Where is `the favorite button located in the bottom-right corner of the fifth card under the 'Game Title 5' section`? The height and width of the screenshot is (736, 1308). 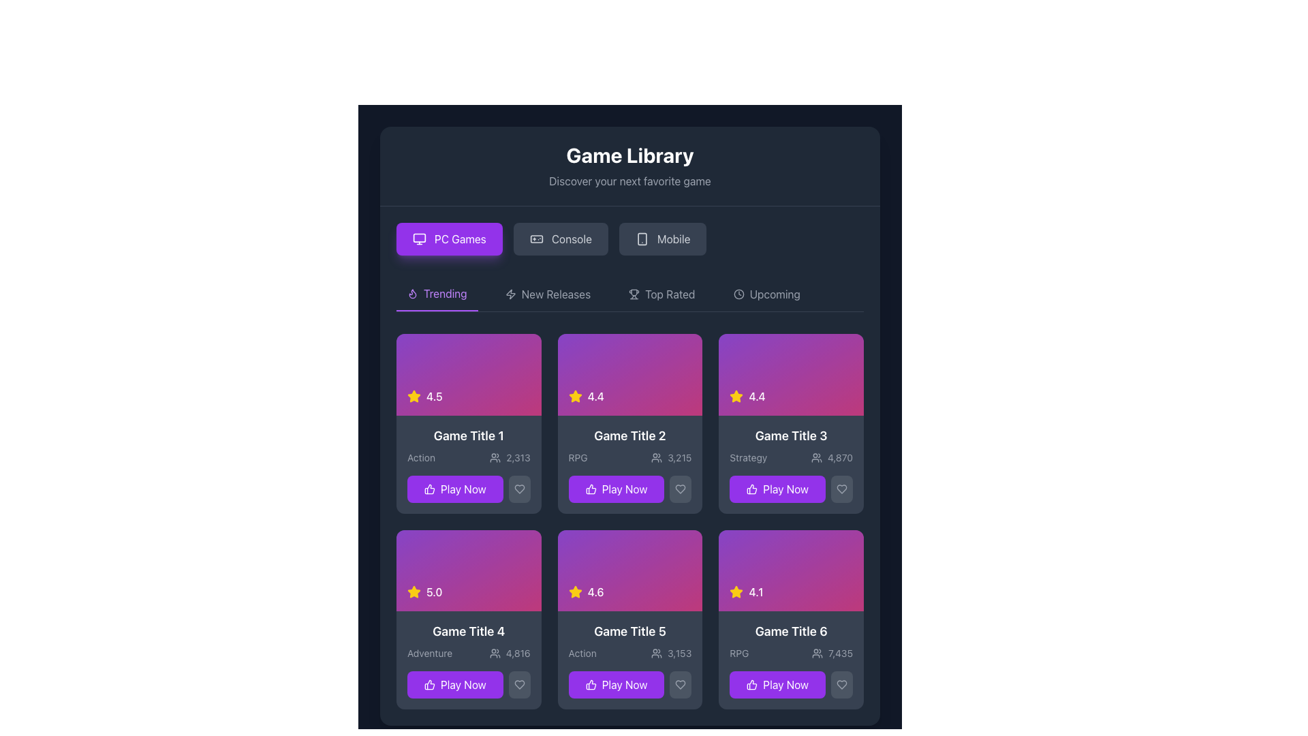
the favorite button located in the bottom-right corner of the fifth card under the 'Game Title 5' section is located at coordinates (681, 685).